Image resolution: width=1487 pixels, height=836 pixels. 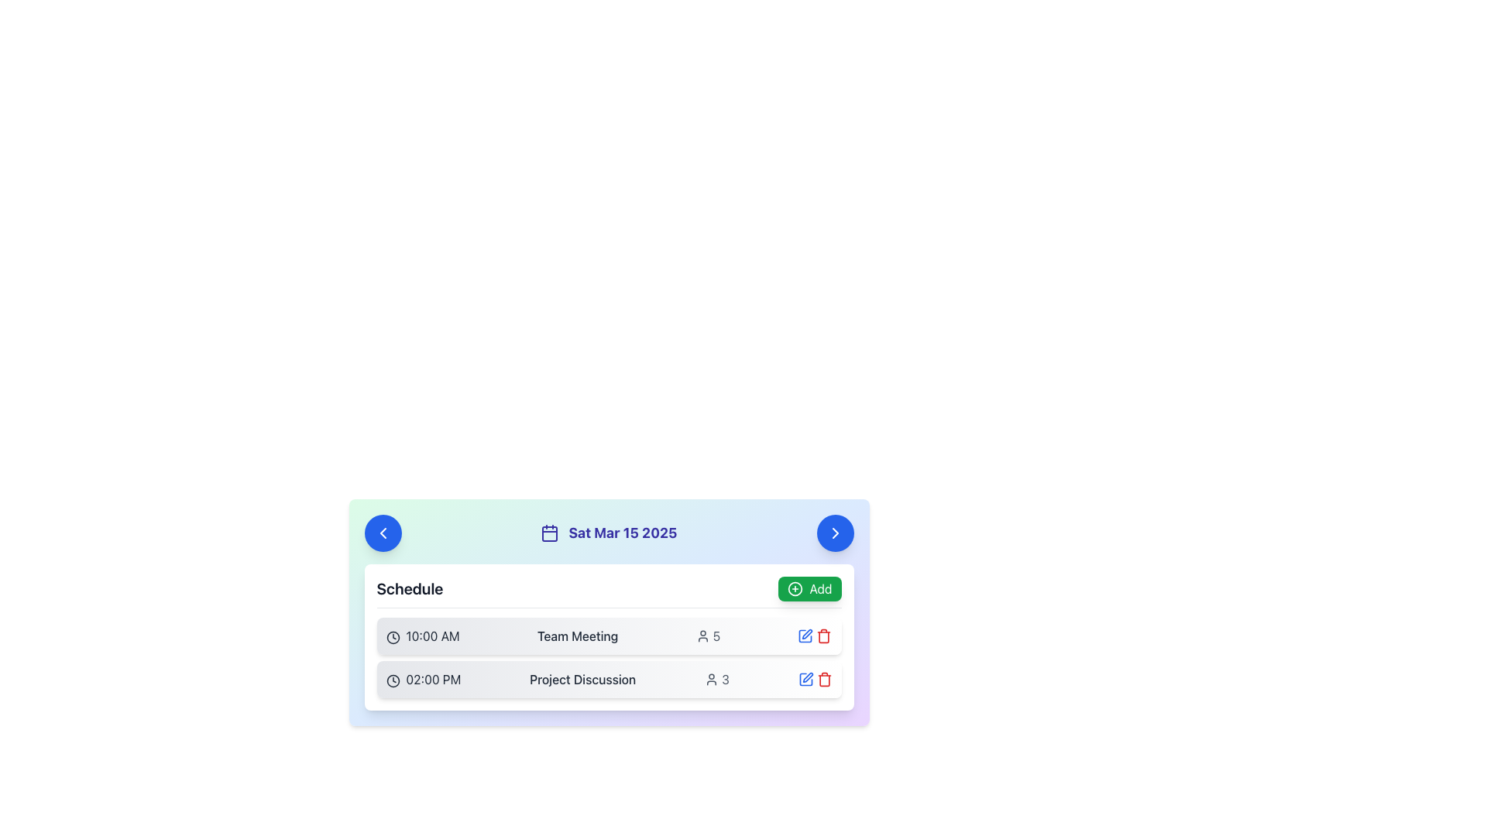 What do you see at coordinates (814, 636) in the screenshot?
I see `the blue pen icon in the interactive icon group located in the top-right corner of the 'Team Meeting' schedule item` at bounding box center [814, 636].